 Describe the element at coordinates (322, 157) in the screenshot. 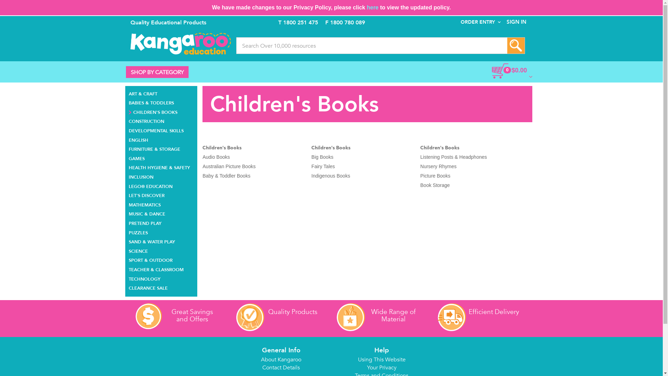

I see `'Big Books'` at that location.